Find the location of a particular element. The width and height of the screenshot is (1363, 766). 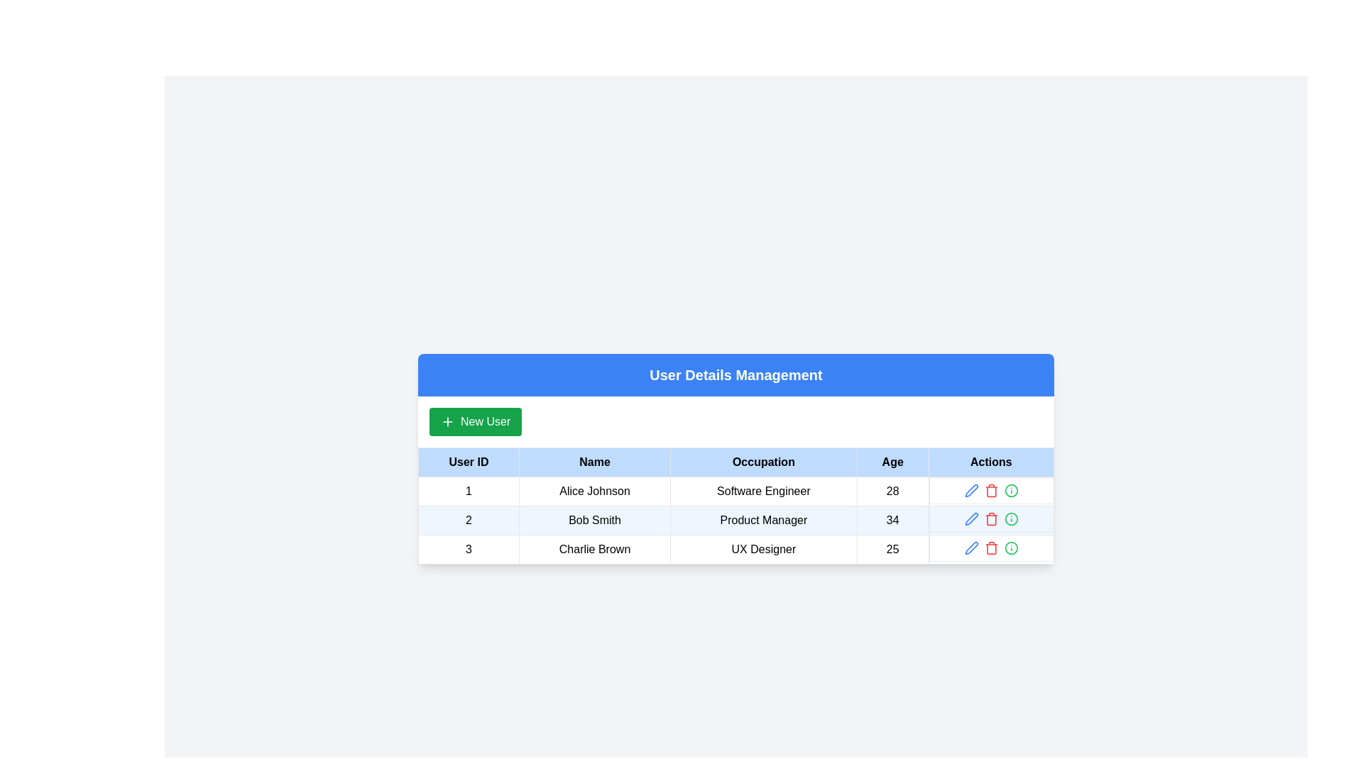

the blue pen icon located is located at coordinates (970, 519).